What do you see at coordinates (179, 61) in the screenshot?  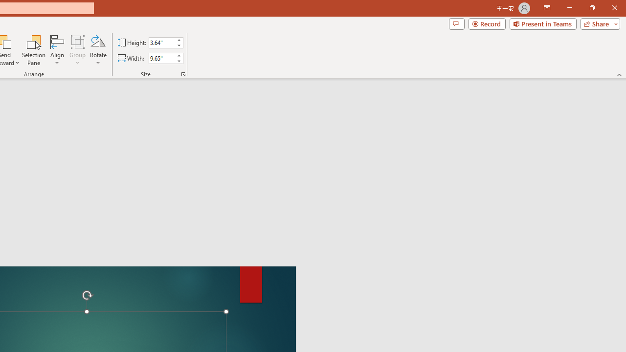 I see `'Less'` at bounding box center [179, 61].